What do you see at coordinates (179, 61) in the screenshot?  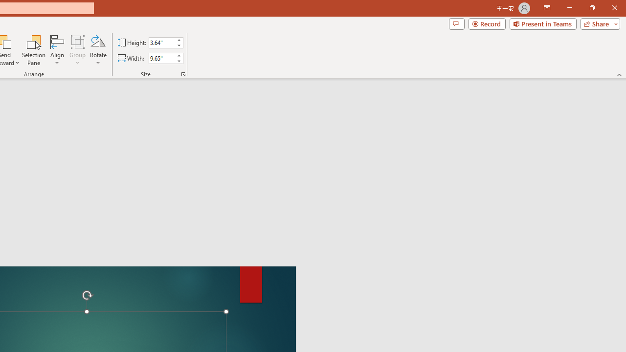 I see `'Less'` at bounding box center [179, 61].